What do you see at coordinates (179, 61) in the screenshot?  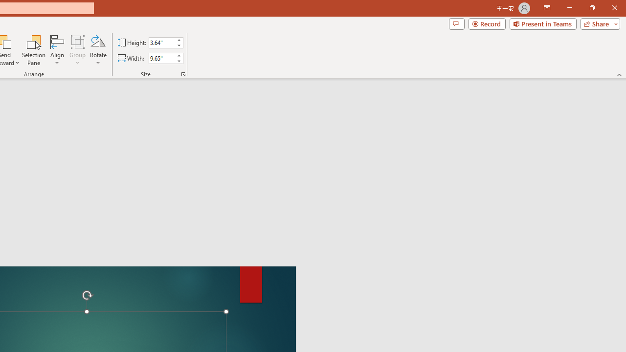 I see `'Less'` at bounding box center [179, 61].